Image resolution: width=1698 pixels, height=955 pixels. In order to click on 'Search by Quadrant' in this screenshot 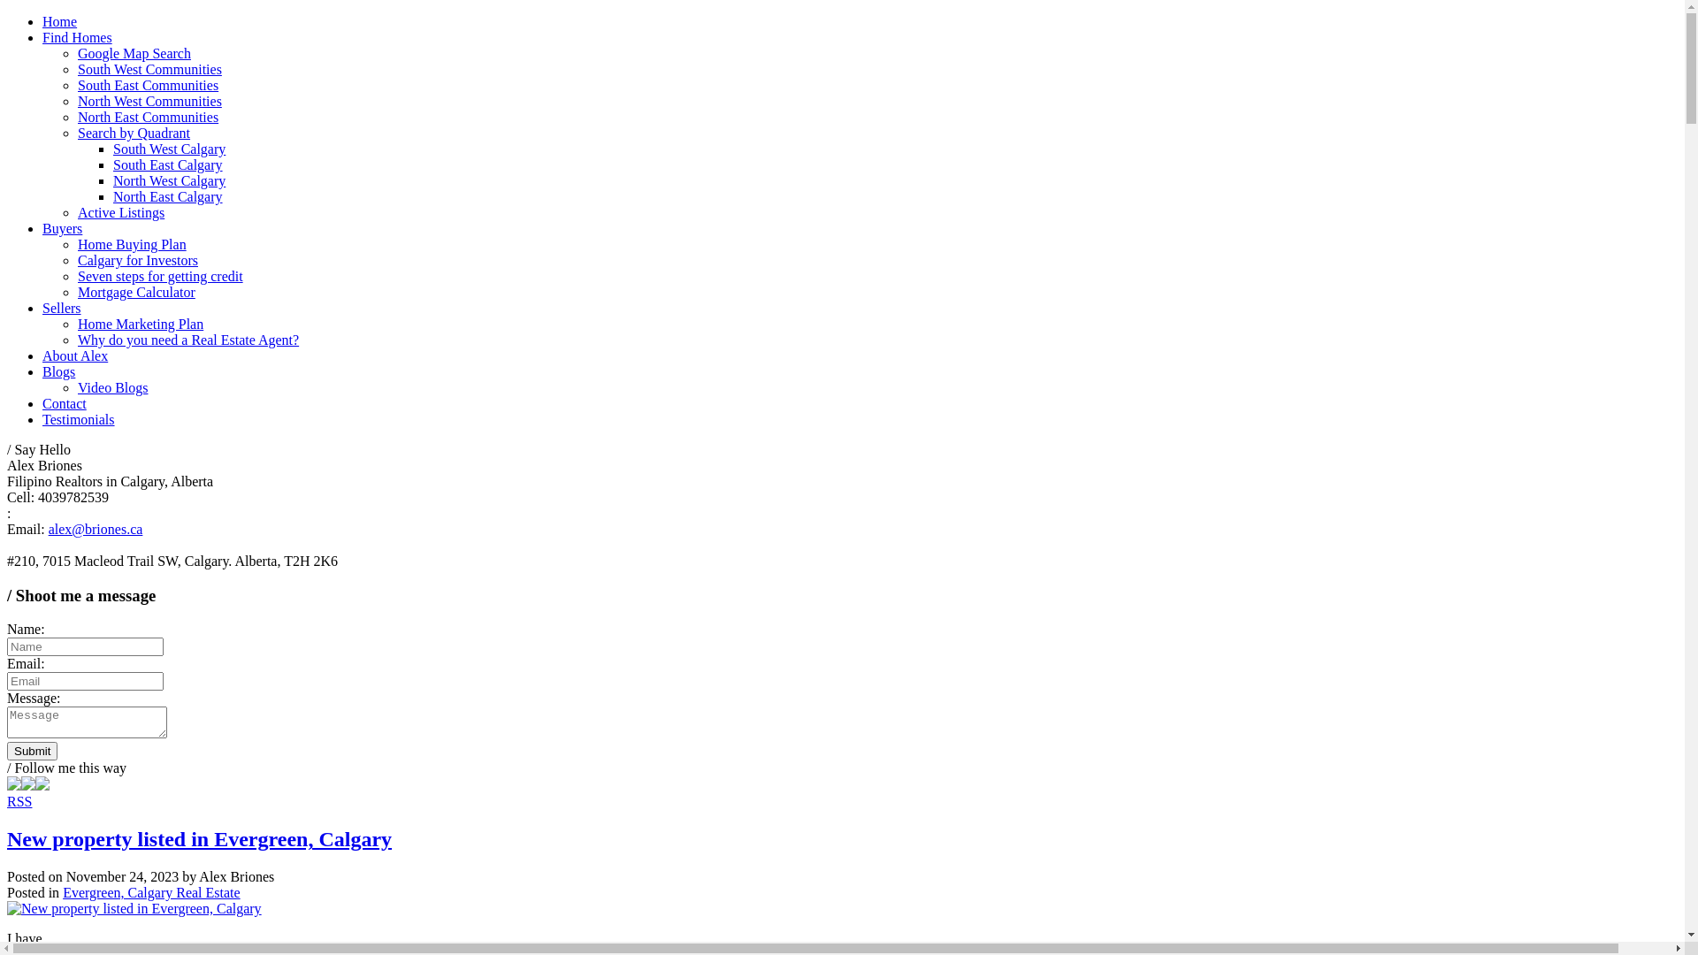, I will do `click(133, 132)`.